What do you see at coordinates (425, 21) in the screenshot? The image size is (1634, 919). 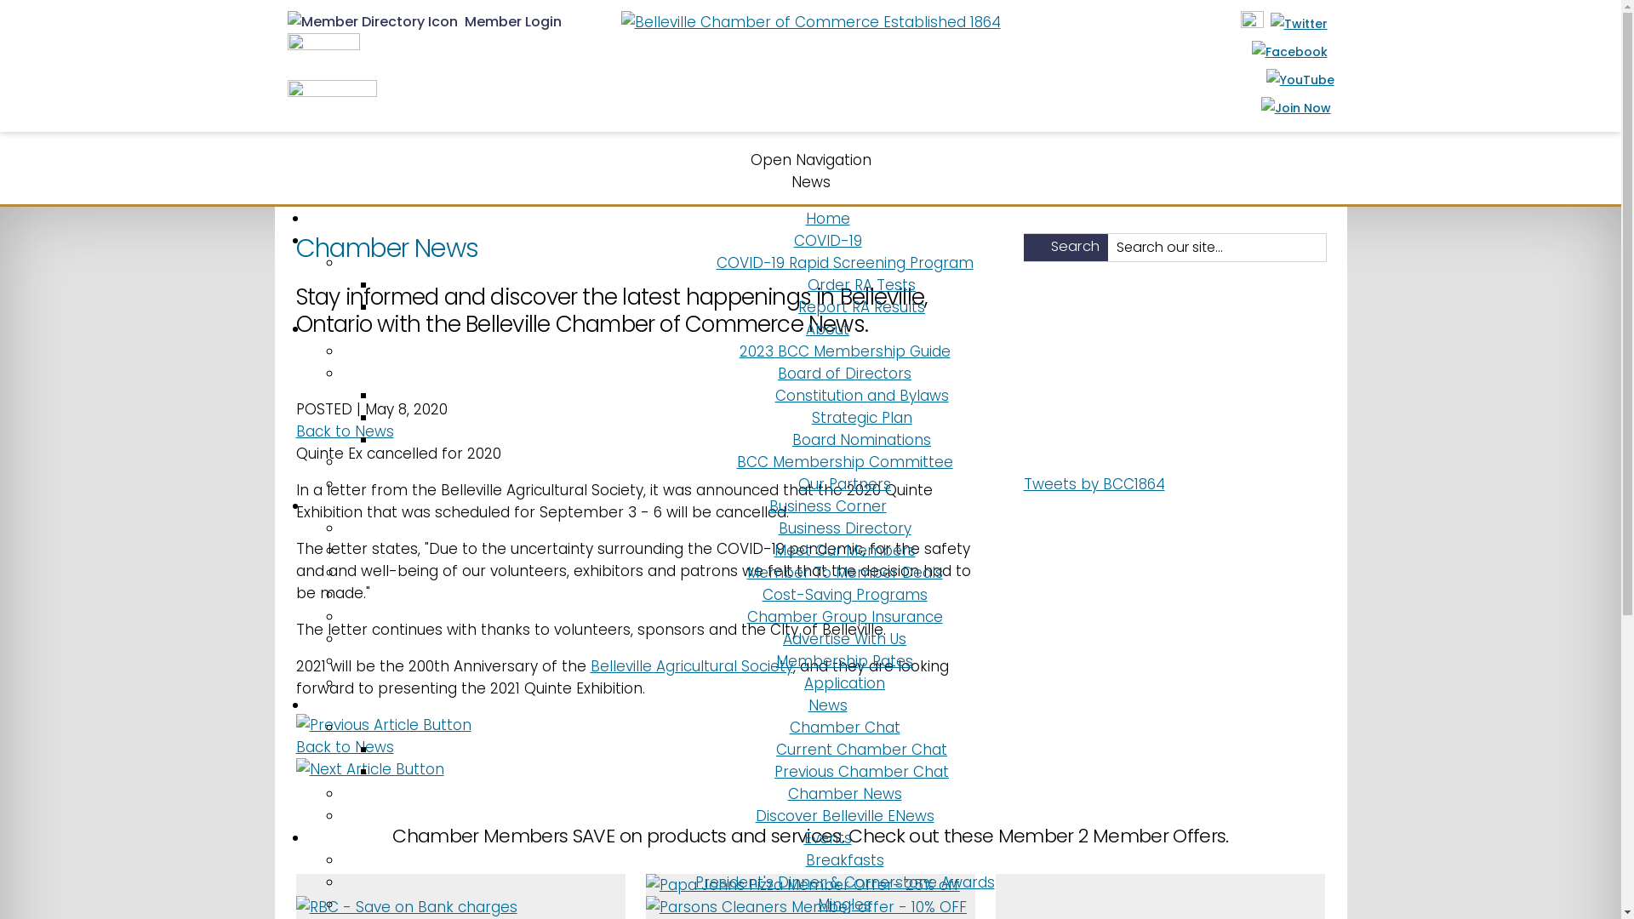 I see `'  Member Login'` at bounding box center [425, 21].